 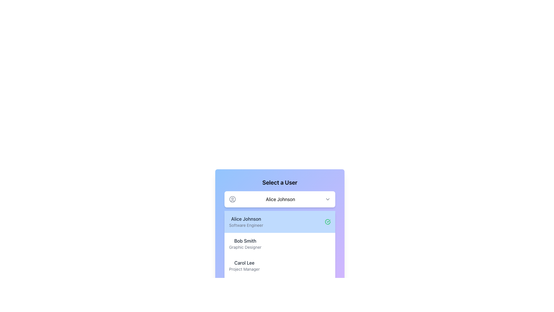 I want to click on the user profile entry for 'Bob Smith, Graphic Designer' in the second row of the user list under 'Select a User.', so click(x=245, y=244).